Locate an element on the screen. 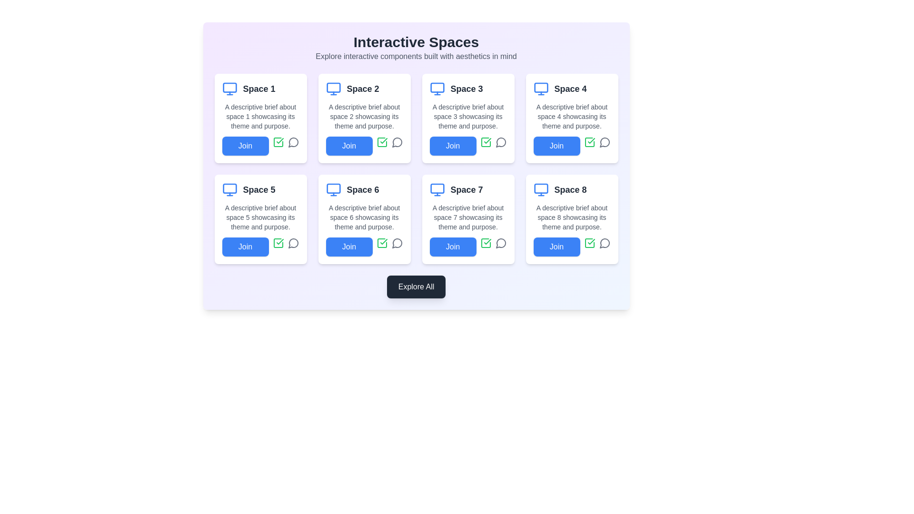  the green square icon button with a checkmark located is located at coordinates (382, 142).